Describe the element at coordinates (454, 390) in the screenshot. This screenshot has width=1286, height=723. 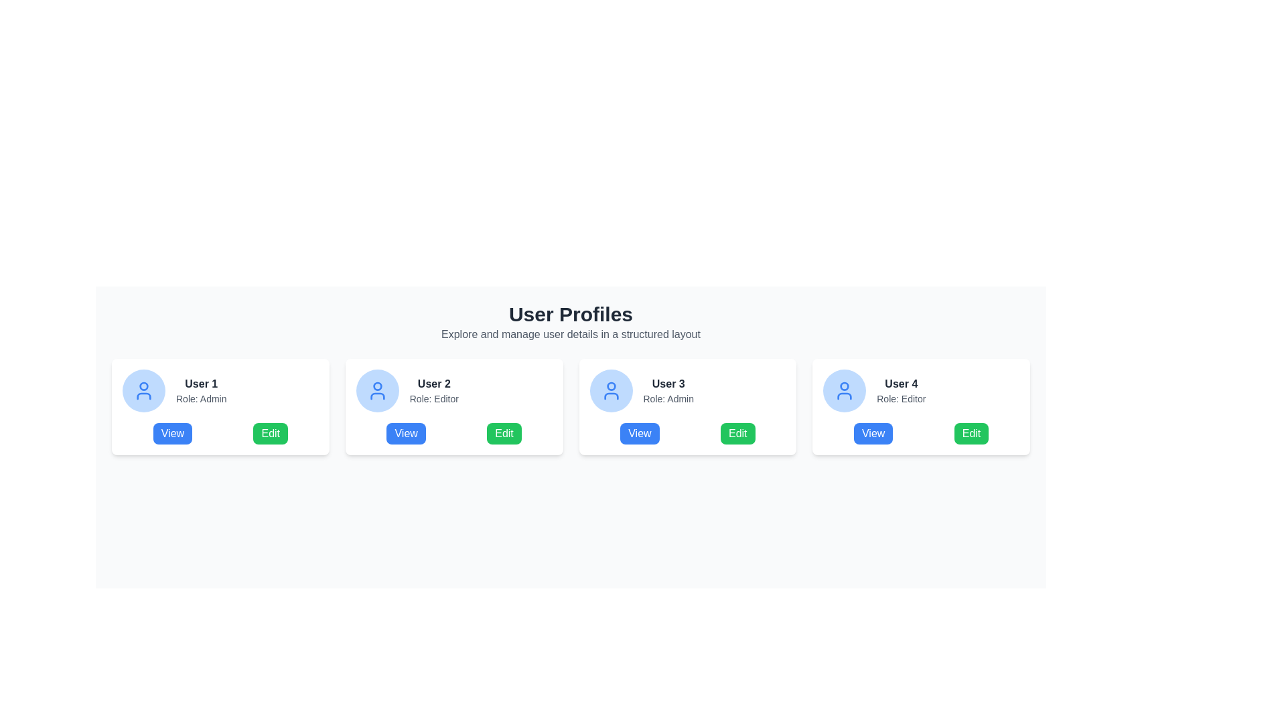
I see `displayed information from the Text label indicating 'User 2' and their role 'Editor', which is located in the second card of the user profiles section, featuring a blue circular icon with a white user silhouette` at that location.